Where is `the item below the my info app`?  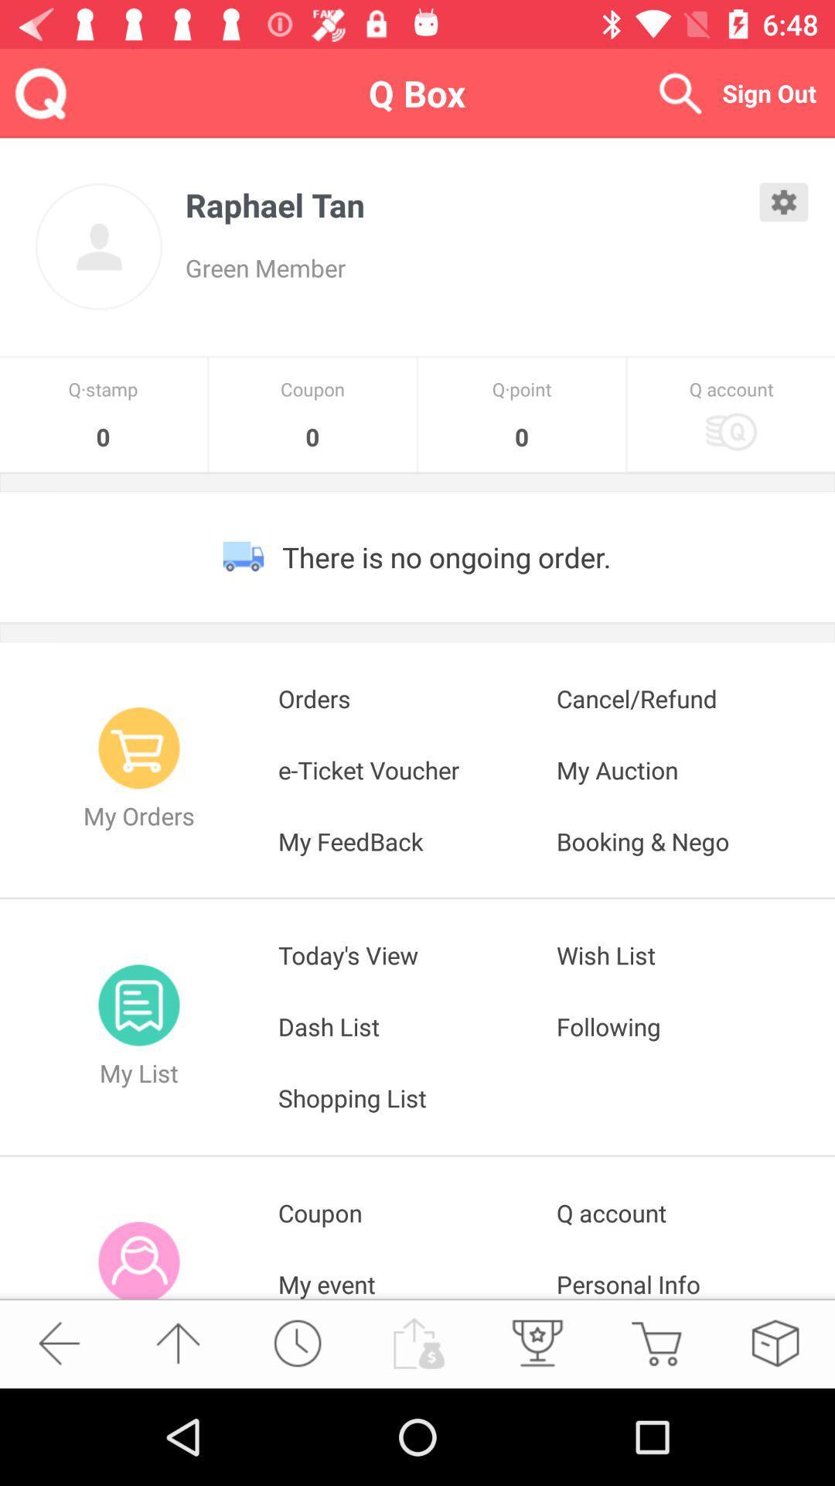
the item below the my info app is located at coordinates (297, 1342).